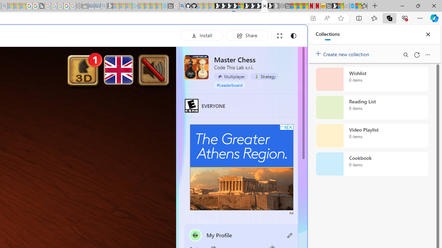  Describe the element at coordinates (231, 76) in the screenshot. I see `'Multiplayer'` at that location.